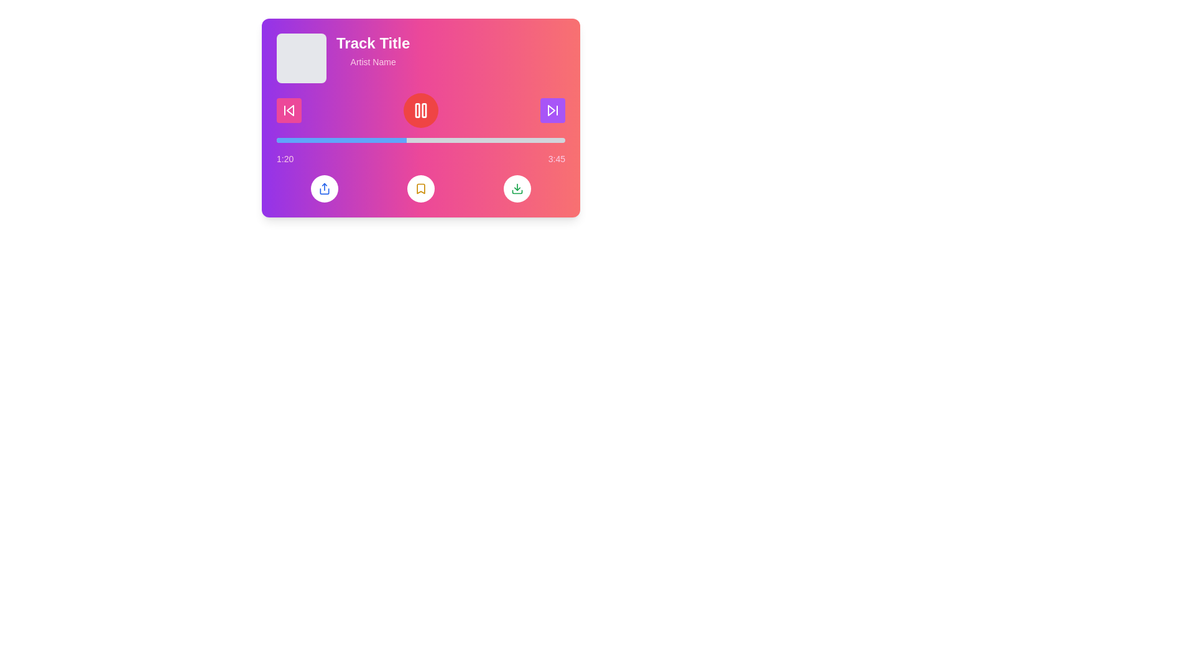  What do you see at coordinates (337, 140) in the screenshot?
I see `playback progress` at bounding box center [337, 140].